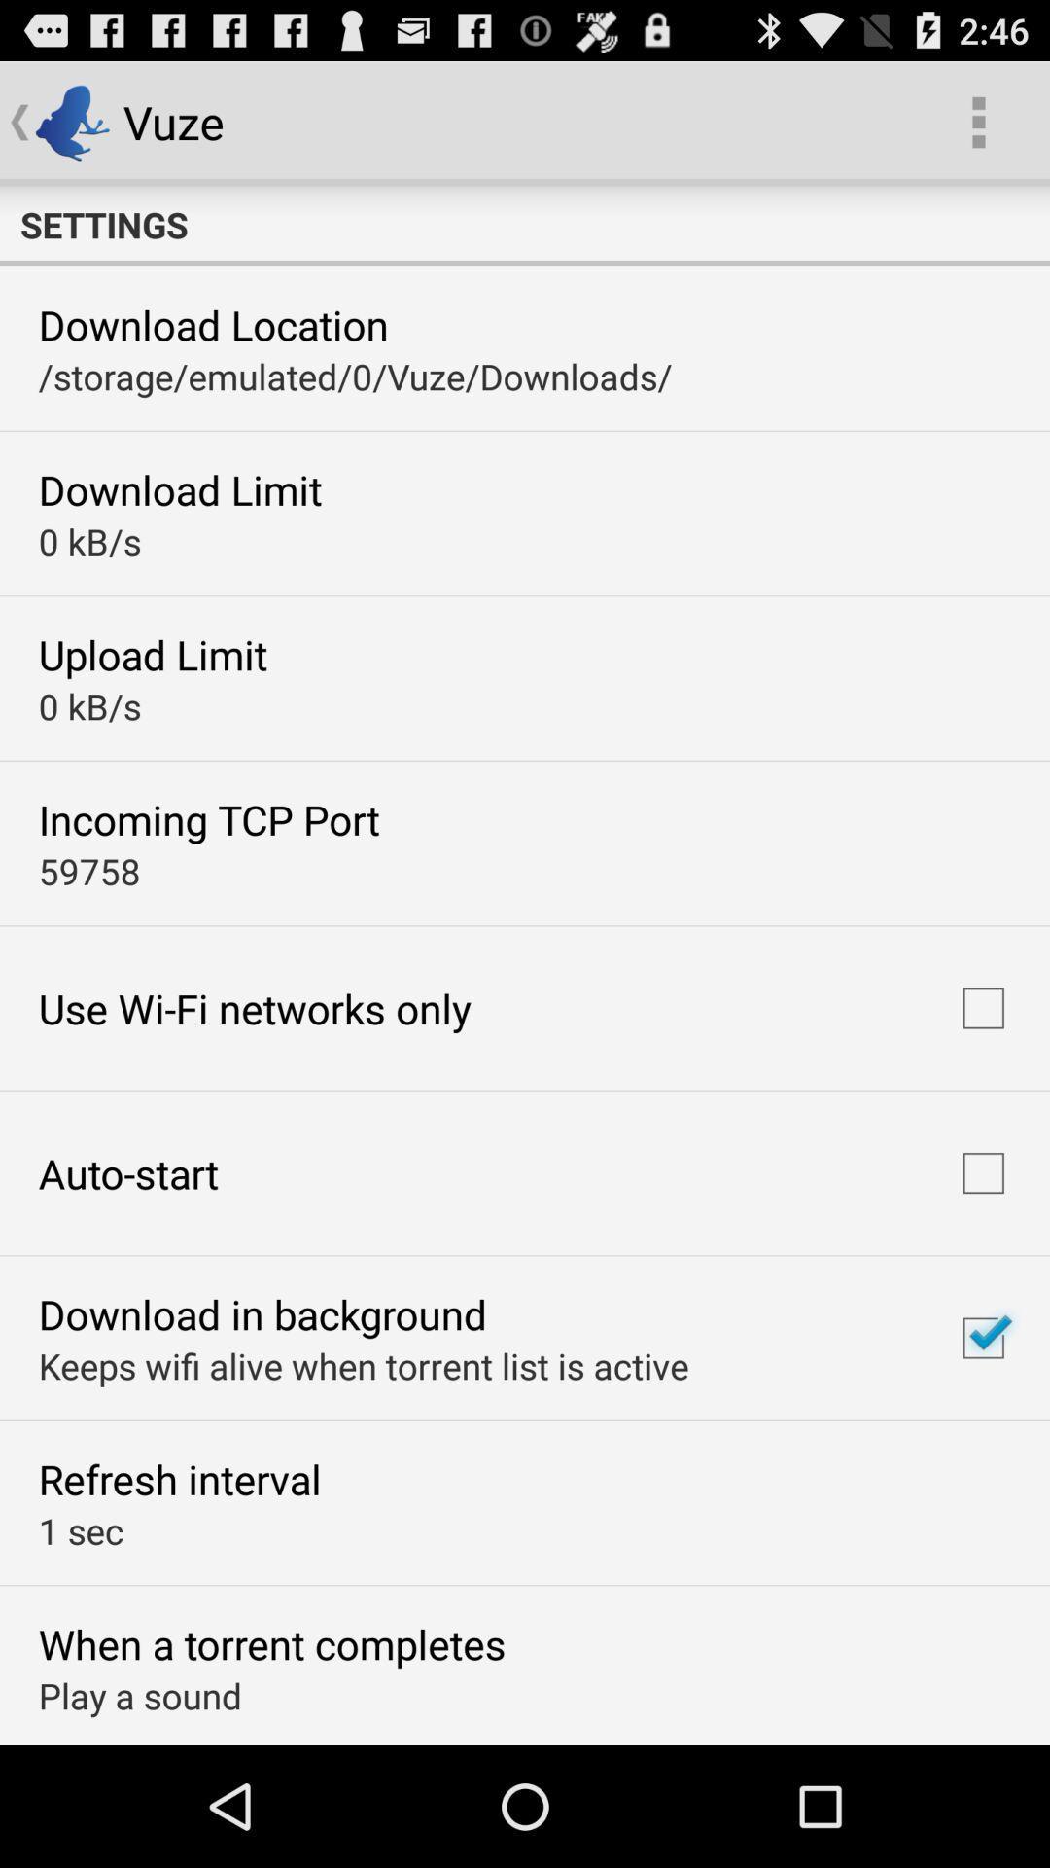  What do you see at coordinates (213, 324) in the screenshot?
I see `the app below the settings` at bounding box center [213, 324].